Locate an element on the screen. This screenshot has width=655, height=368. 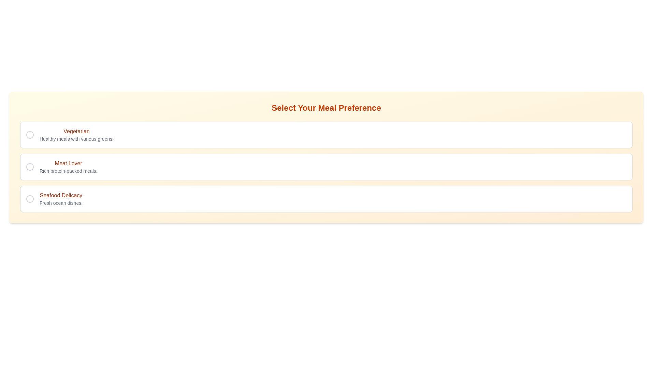
descriptive title and details for the 'Vegetarian' meal preference option in the first card of the vertical list of selectable meal preferences is located at coordinates (76, 135).